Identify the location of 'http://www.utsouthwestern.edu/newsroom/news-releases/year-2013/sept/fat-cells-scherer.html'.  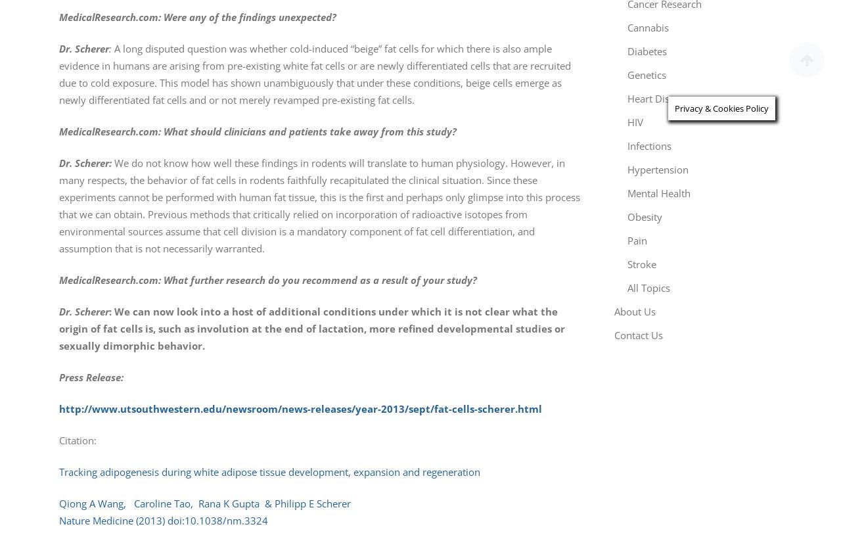
(300, 408).